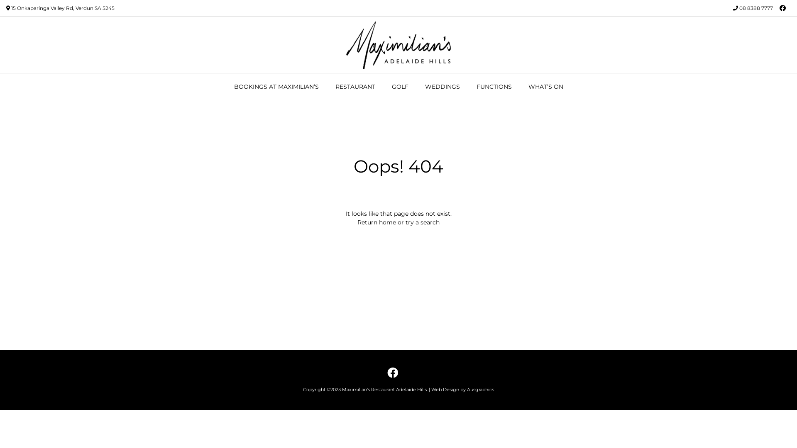  What do you see at coordinates (782, 8) in the screenshot?
I see `'Find Us on Facebook'` at bounding box center [782, 8].